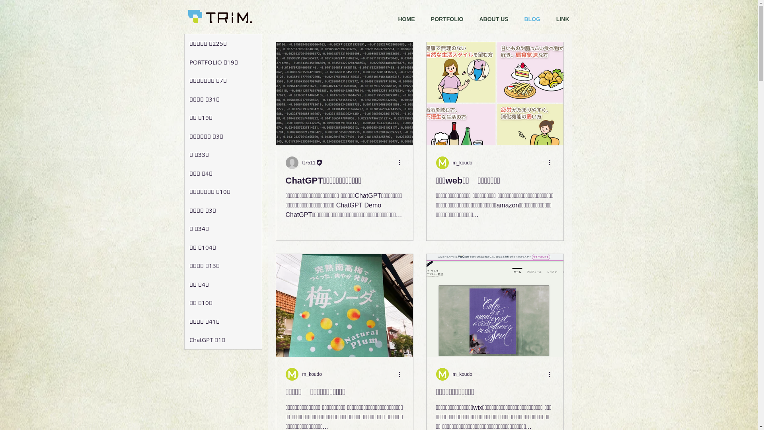  I want to click on 'LINK', so click(562, 18).